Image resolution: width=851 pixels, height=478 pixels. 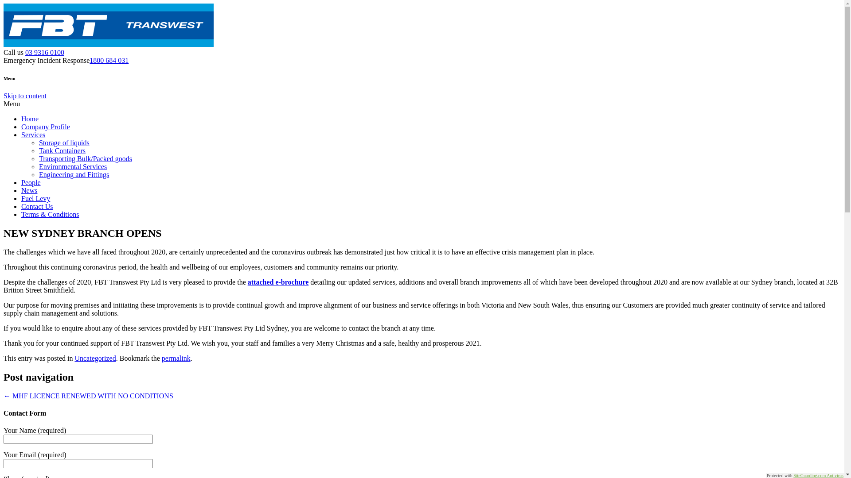 What do you see at coordinates (74, 174) in the screenshot?
I see `'Engineering and Fittings'` at bounding box center [74, 174].